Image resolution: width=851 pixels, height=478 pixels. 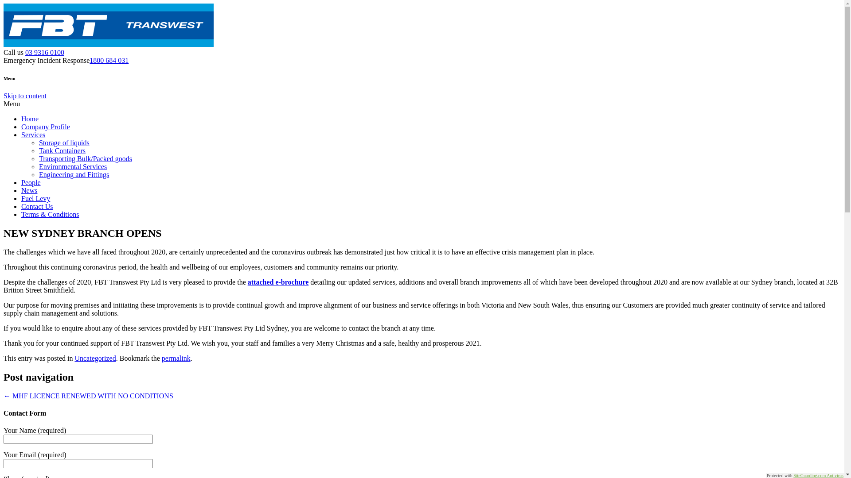 What do you see at coordinates (74, 174) in the screenshot?
I see `'Engineering and Fittings'` at bounding box center [74, 174].